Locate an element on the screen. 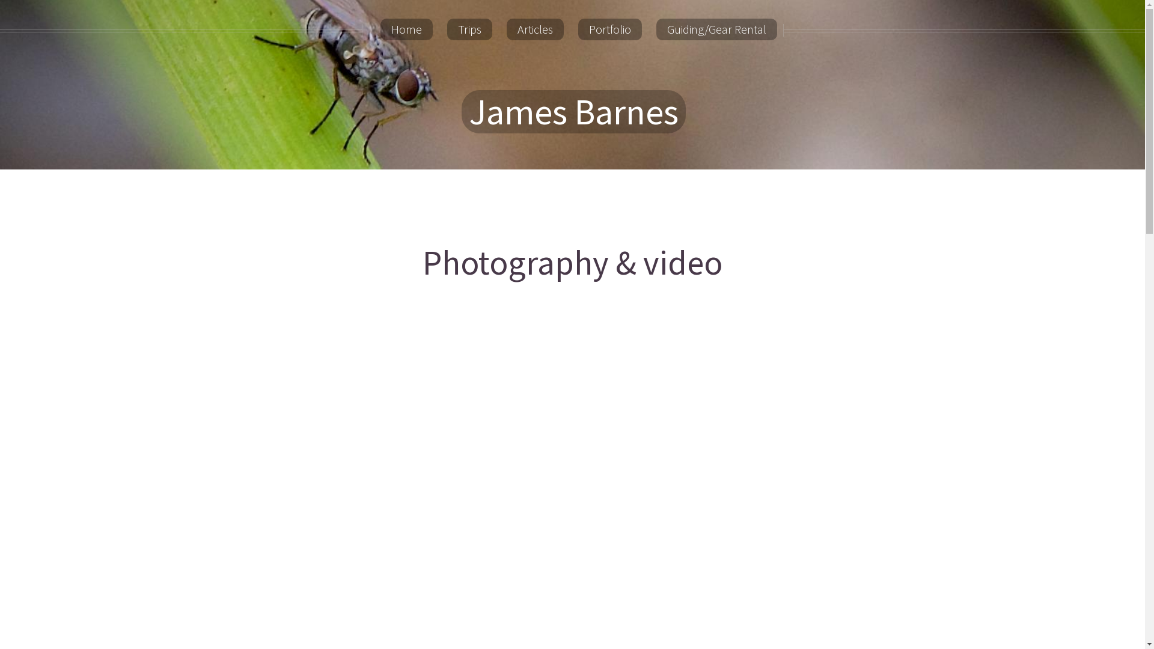 The height and width of the screenshot is (649, 1154). 'James Barnes' is located at coordinates (573, 111).